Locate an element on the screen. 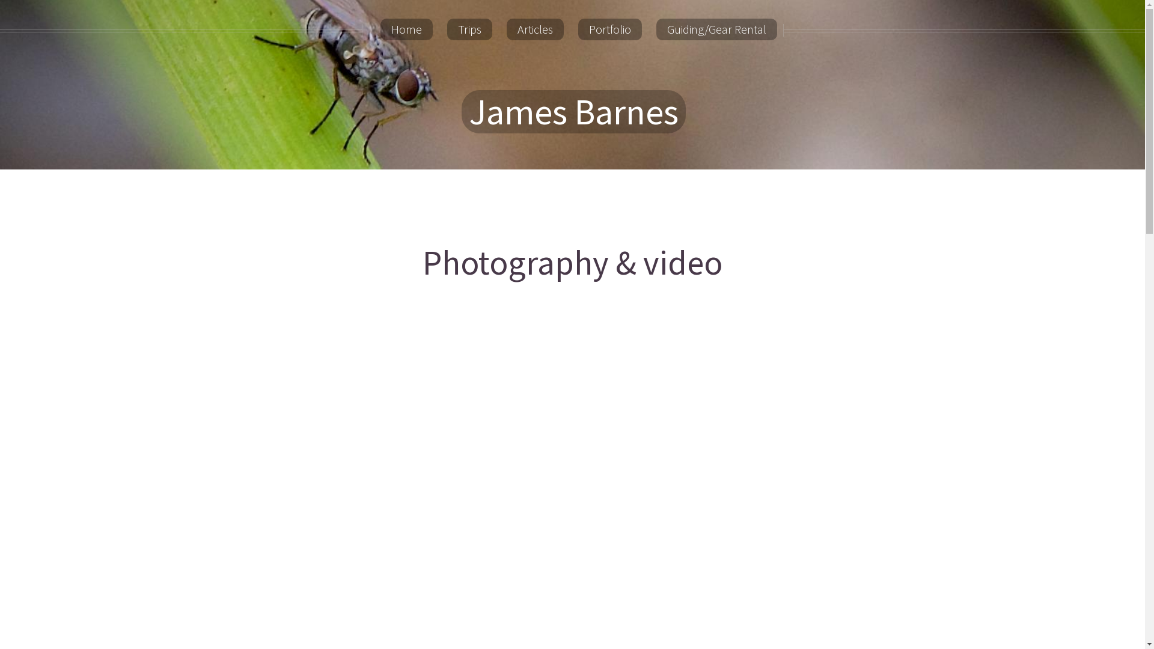 The height and width of the screenshot is (649, 1154). 'James Barnes' is located at coordinates (573, 111).